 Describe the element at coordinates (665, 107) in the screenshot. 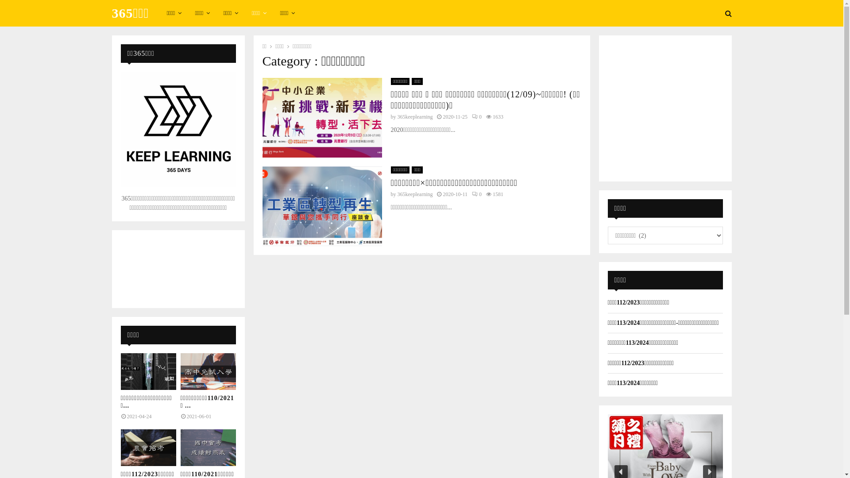

I see `'Advertisement'` at that location.